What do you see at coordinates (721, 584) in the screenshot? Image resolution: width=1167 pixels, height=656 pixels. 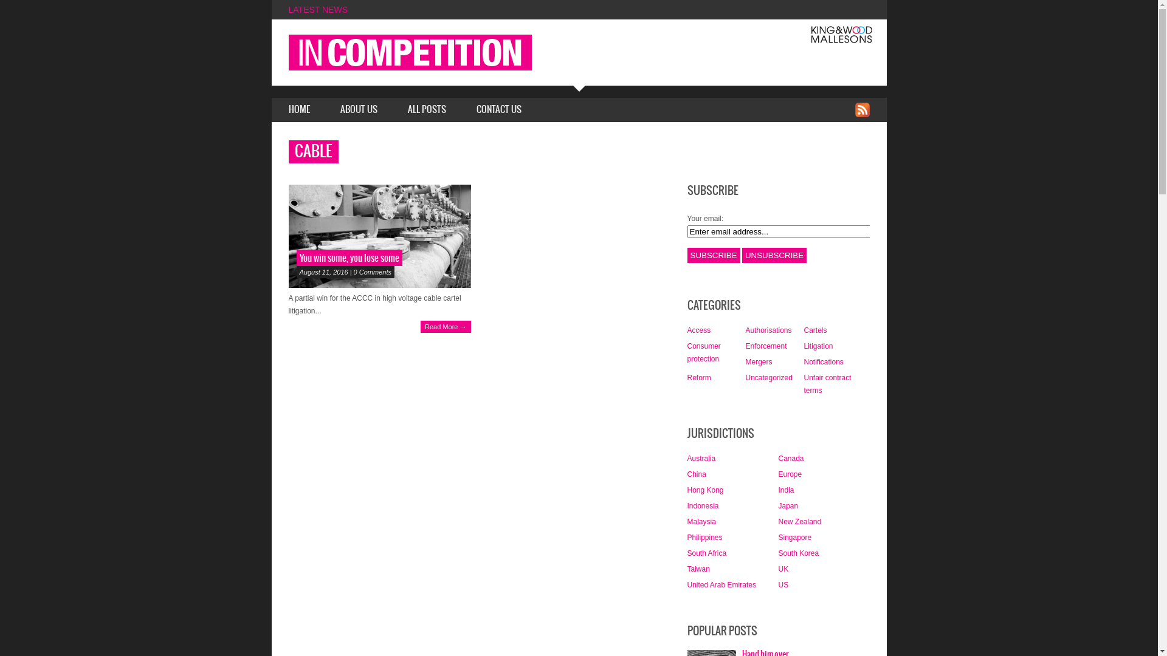 I see `'United Arab Emirates'` at bounding box center [721, 584].